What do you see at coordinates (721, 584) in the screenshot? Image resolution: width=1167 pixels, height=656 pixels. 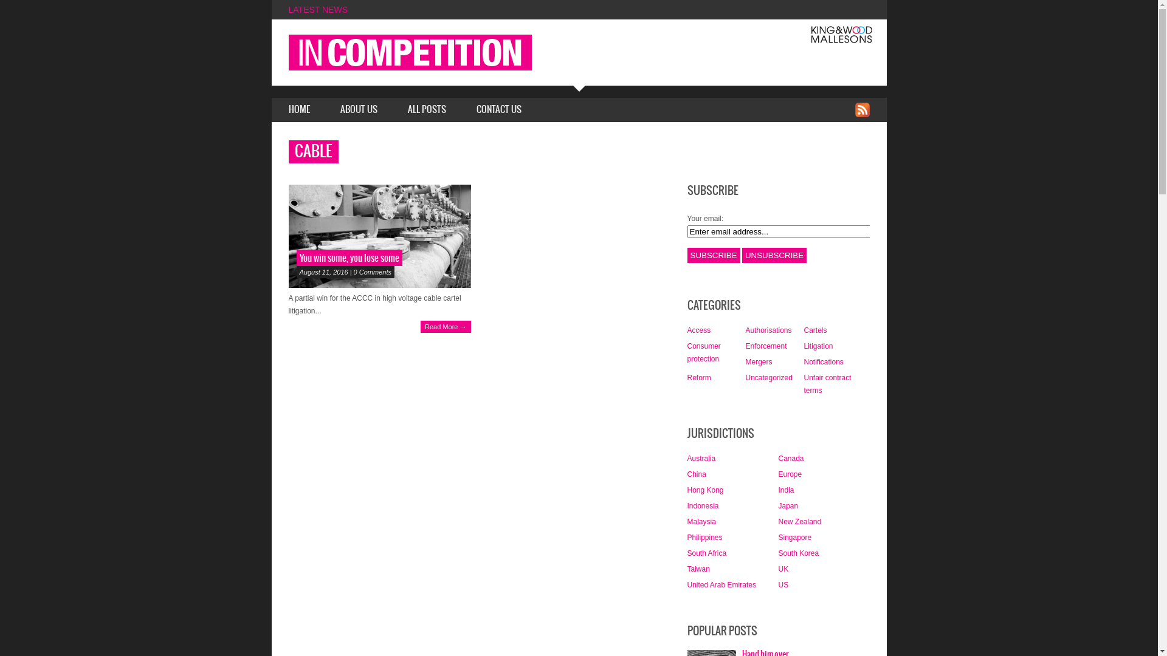 I see `'United Arab Emirates'` at bounding box center [721, 584].